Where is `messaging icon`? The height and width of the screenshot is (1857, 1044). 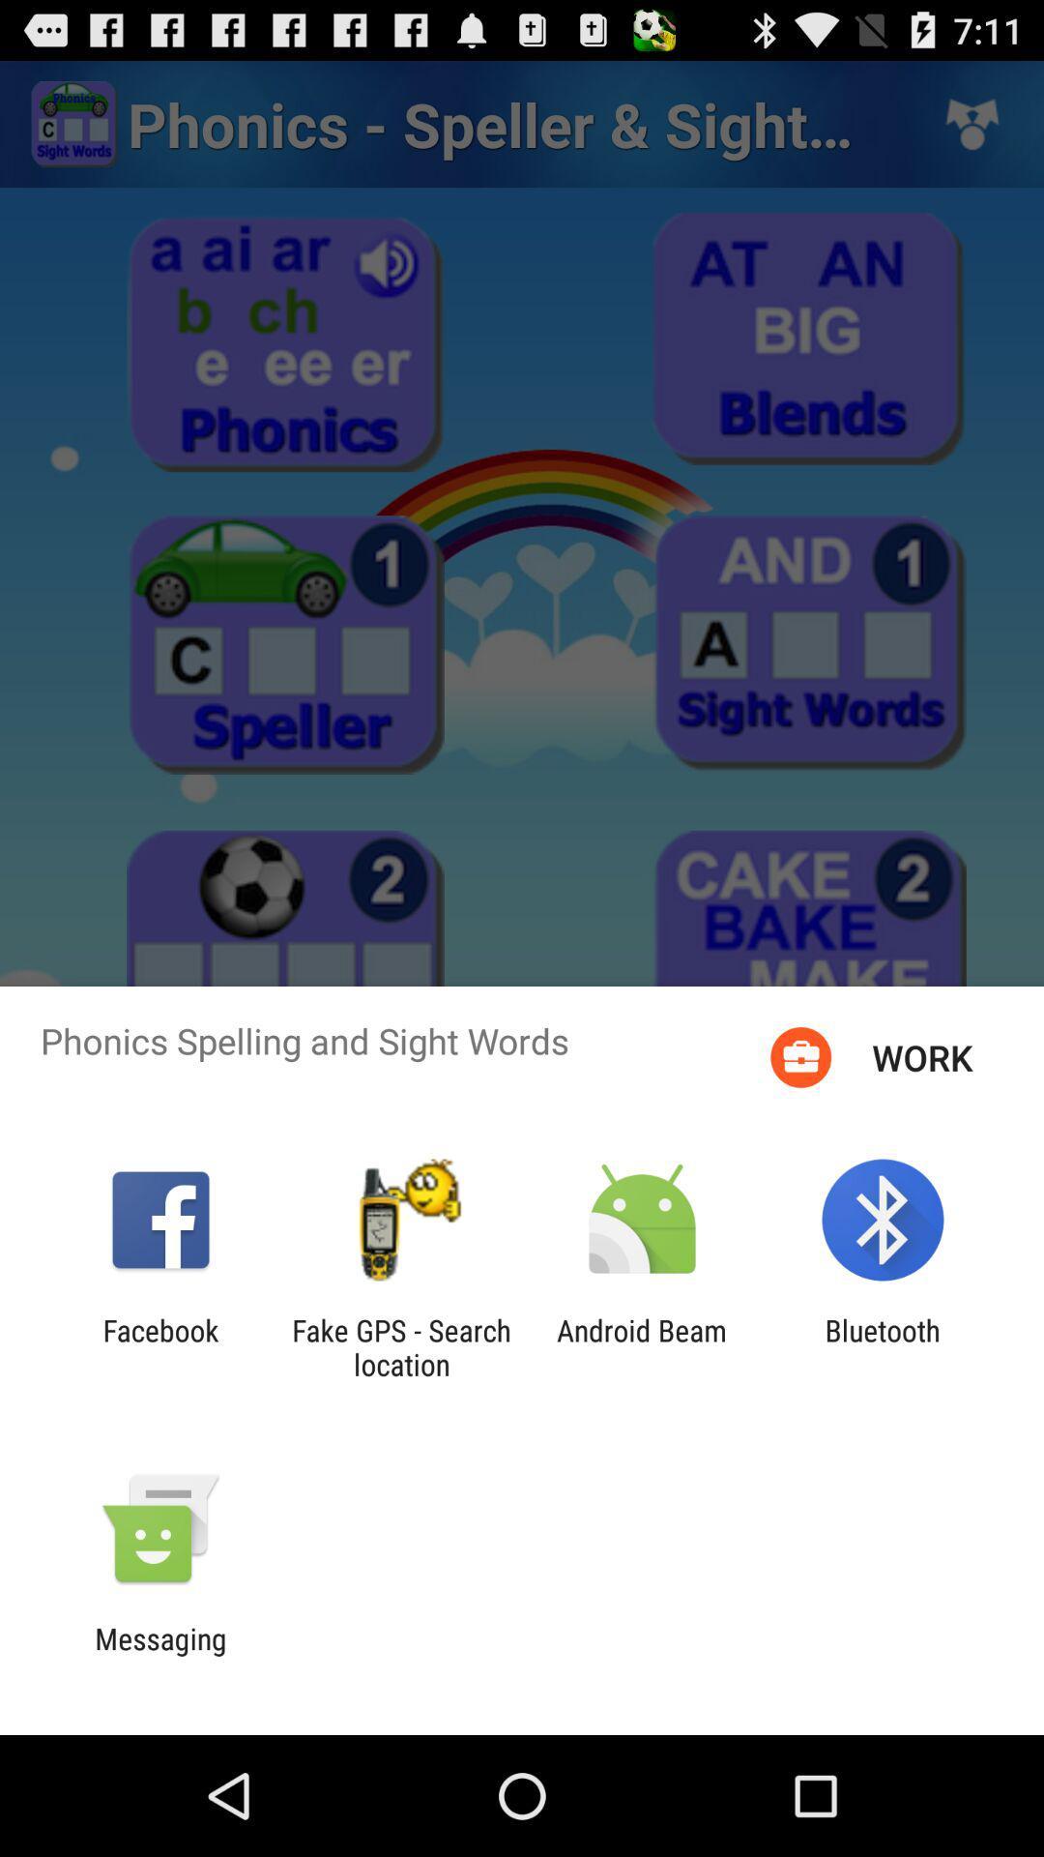 messaging icon is located at coordinates (159, 1655).